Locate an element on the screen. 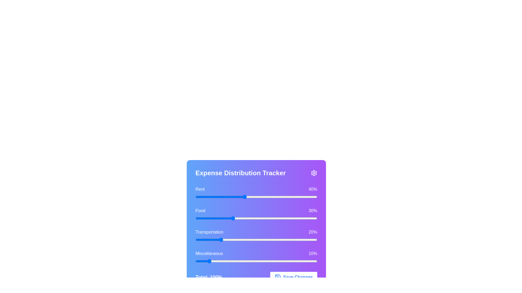 The height and width of the screenshot is (293, 522). the text label displaying 'Transportation' in white font against a gradient background, located in the lower-middle section of the interface under the 'Transportation 20%' subsection is located at coordinates (209, 232).